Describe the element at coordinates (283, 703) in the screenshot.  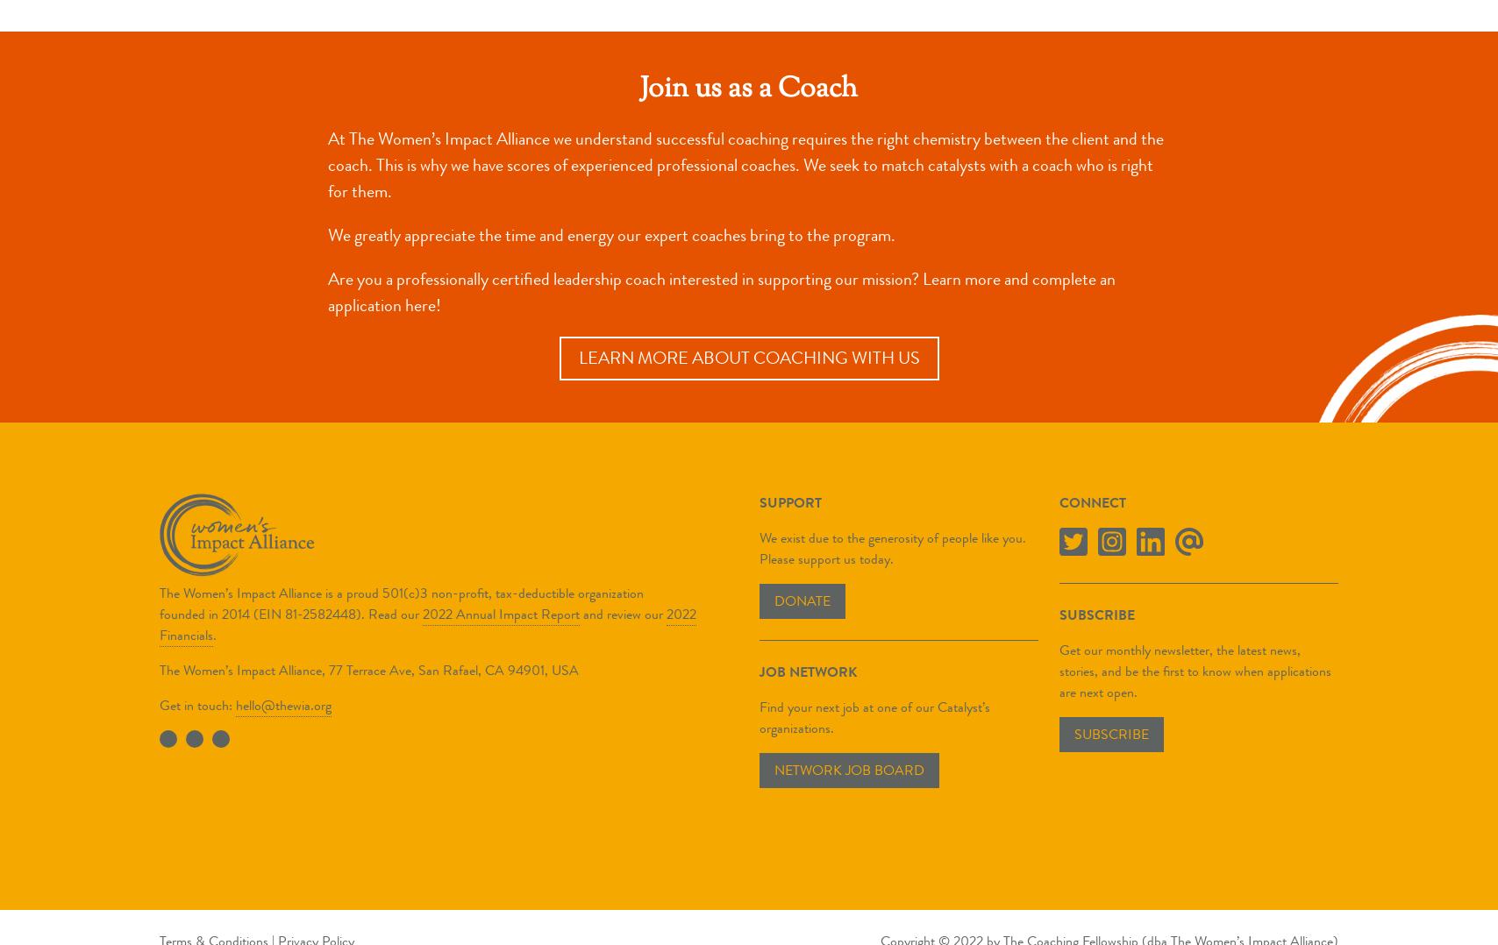
I see `'hello@thewia.org'` at that location.